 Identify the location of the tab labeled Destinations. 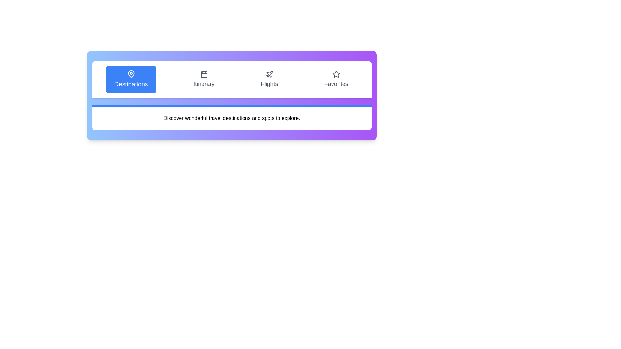
(131, 79).